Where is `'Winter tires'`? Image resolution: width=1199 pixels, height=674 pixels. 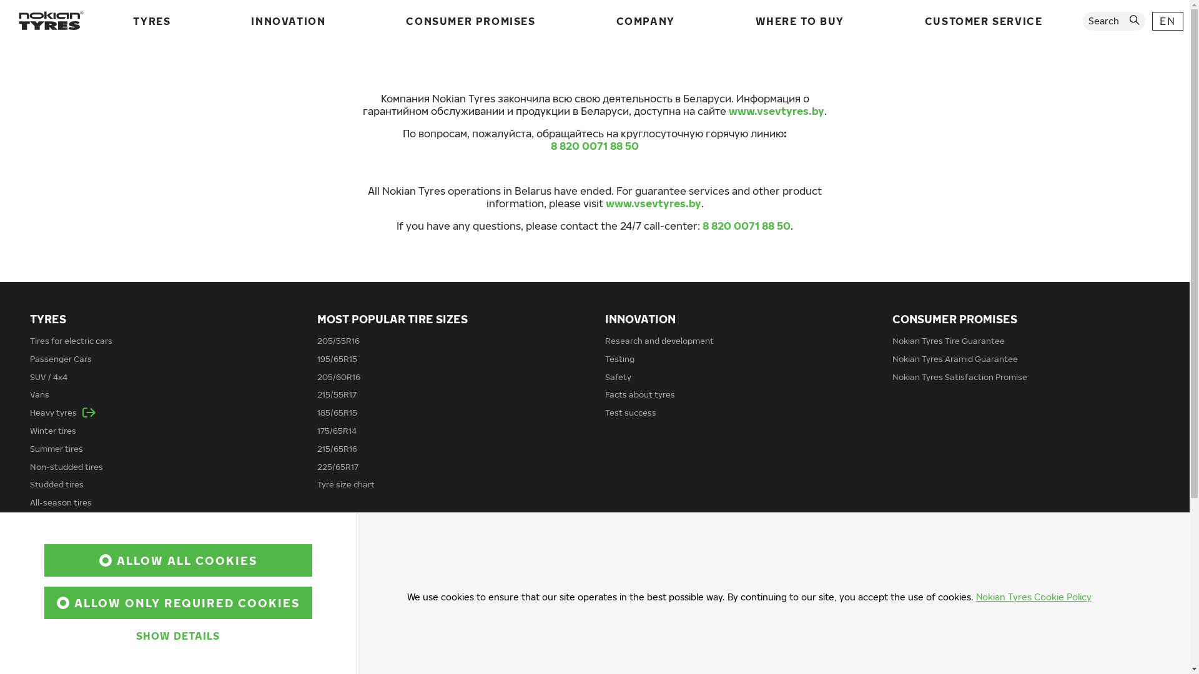 'Winter tires' is located at coordinates (52, 430).